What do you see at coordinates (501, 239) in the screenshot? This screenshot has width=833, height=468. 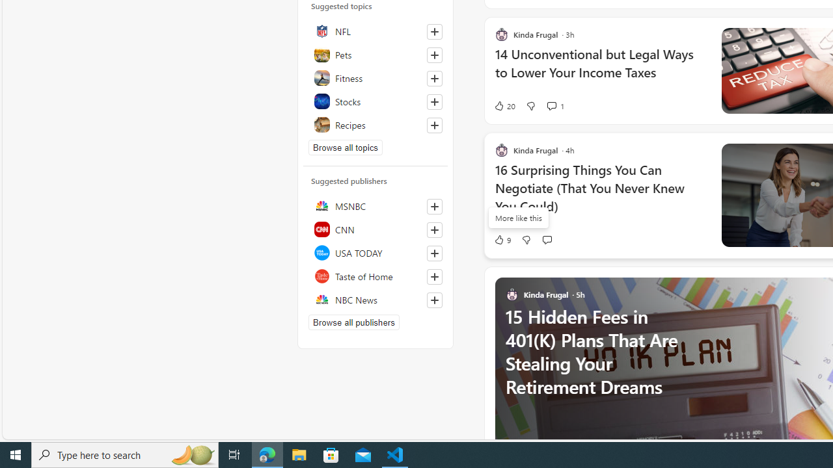 I see `'9 Like'` at bounding box center [501, 239].